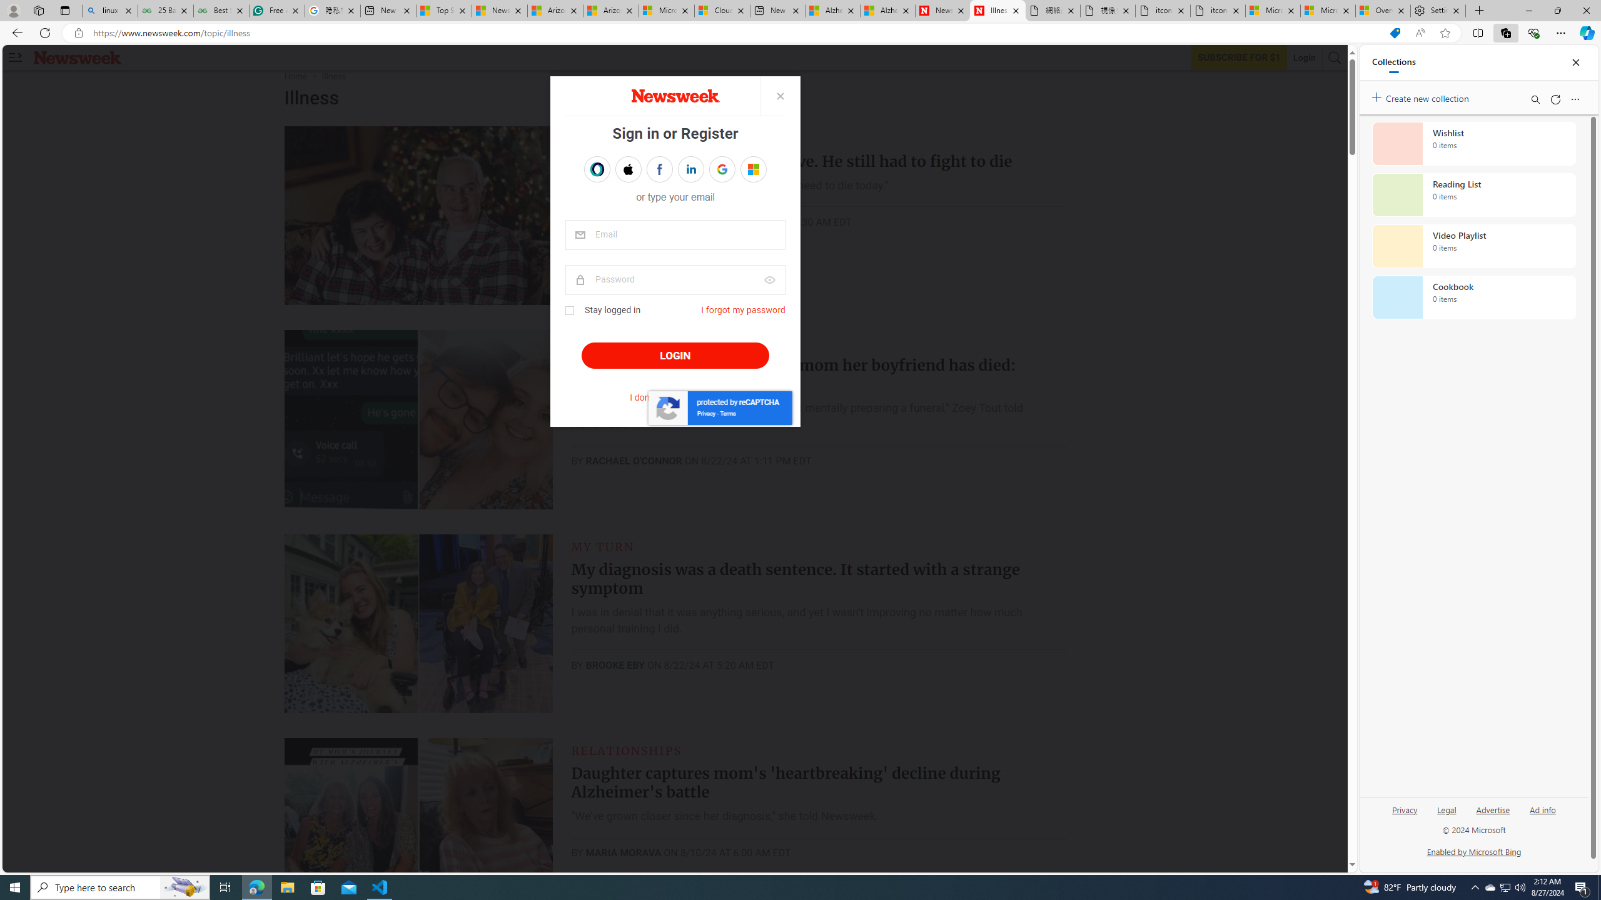  I want to click on 'email', so click(675, 234).